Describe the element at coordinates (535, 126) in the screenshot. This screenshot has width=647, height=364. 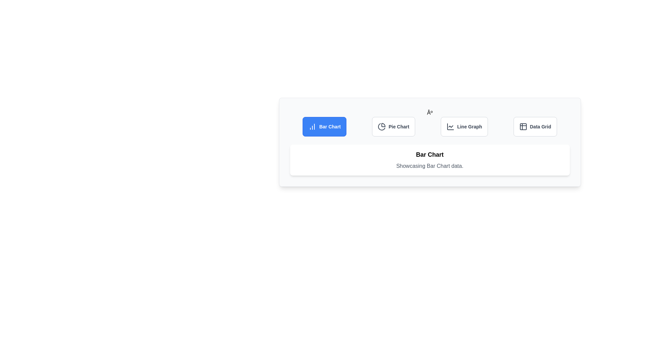
I see `the button labeled Data Grid to observe its visual feedback` at that location.